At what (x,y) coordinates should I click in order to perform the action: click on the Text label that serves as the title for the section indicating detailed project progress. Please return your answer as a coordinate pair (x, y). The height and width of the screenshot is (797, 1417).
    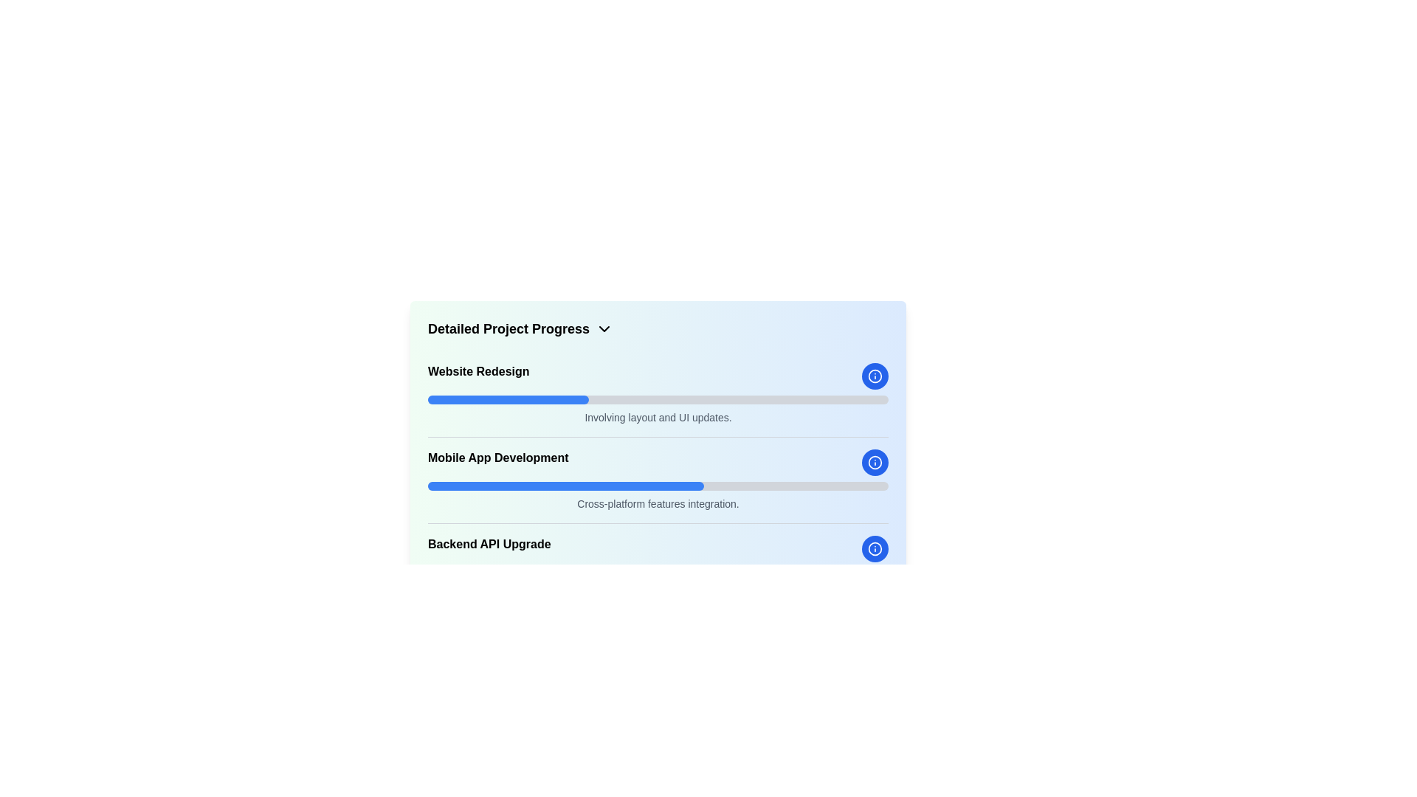
    Looking at the image, I should click on (508, 328).